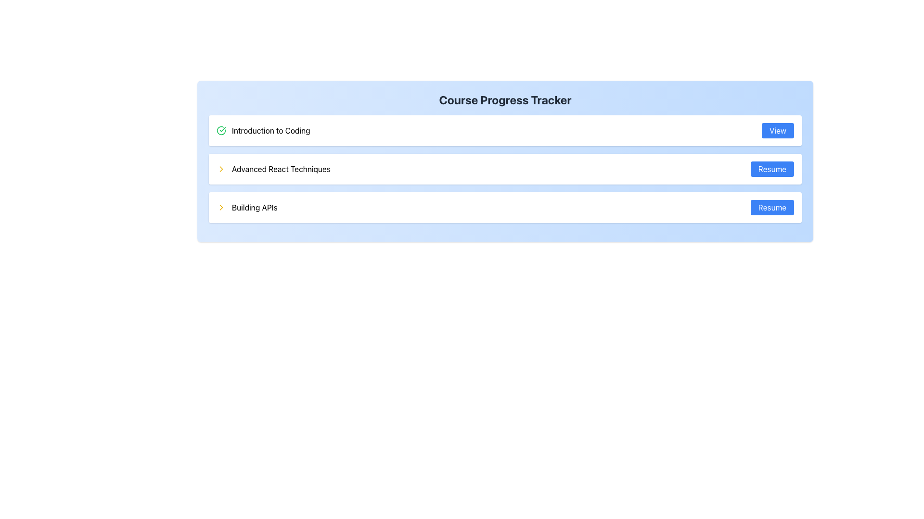 The height and width of the screenshot is (519, 924). Describe the element at coordinates (255, 207) in the screenshot. I see `the text label displaying the course title 'Building APIs', which is the third heading in the course progress tracker` at that location.